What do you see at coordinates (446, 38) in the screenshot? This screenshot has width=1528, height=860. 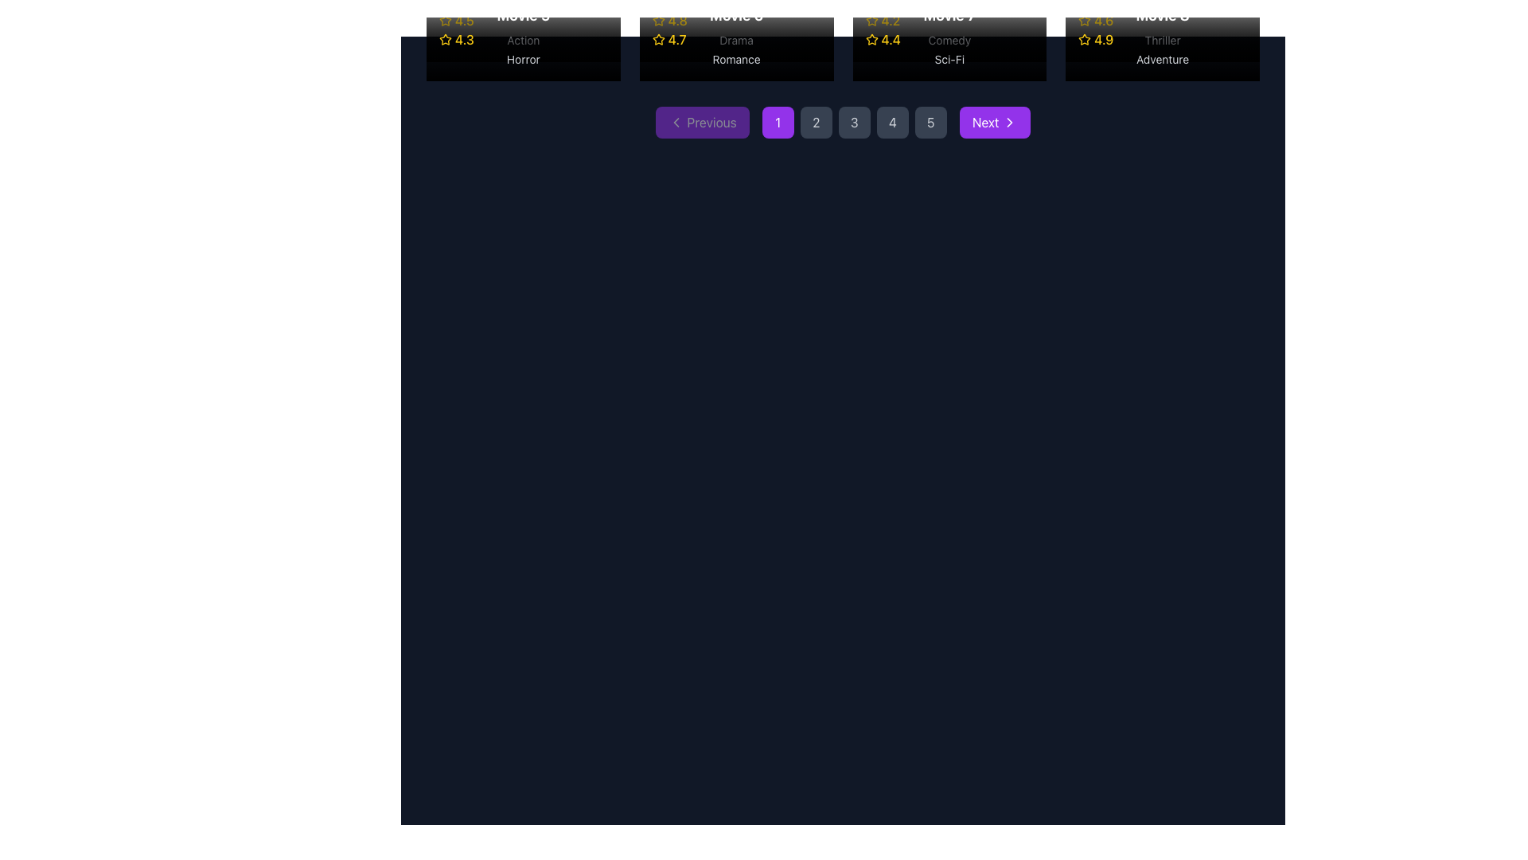 I see `the star icon representing the rating of the first listed movie, located in the top-left corner of the interface` at bounding box center [446, 38].